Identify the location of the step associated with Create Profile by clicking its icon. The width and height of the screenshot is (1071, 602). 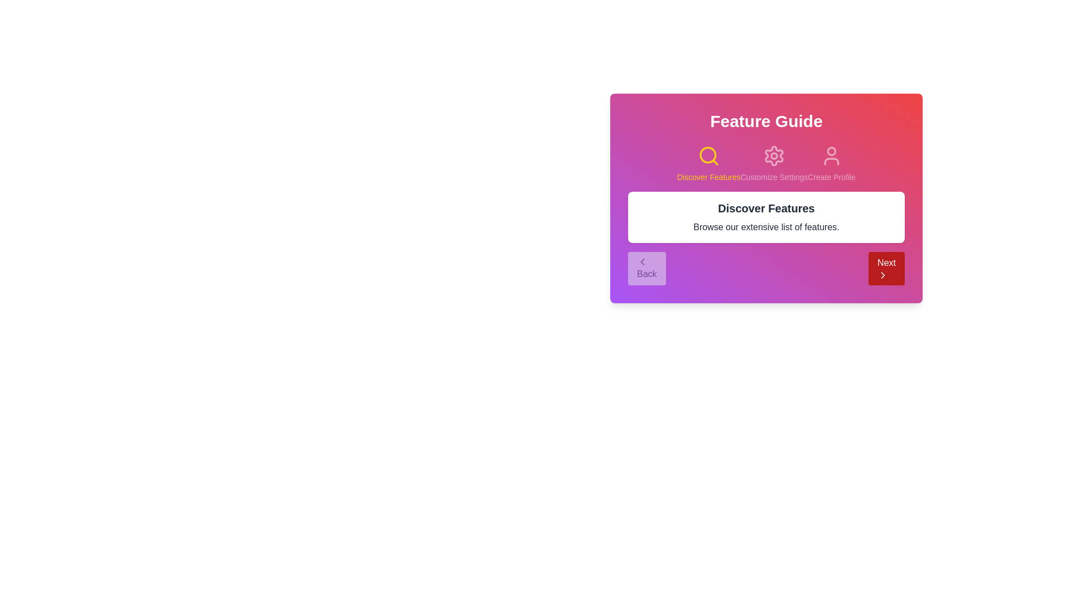
(832, 156).